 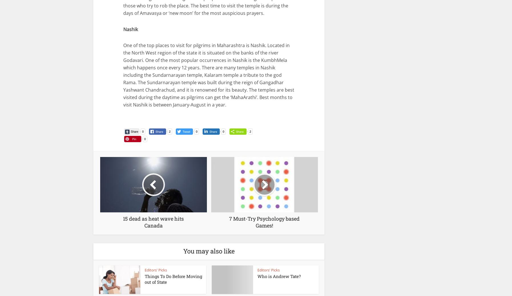 I want to click on 'You may also like', so click(x=209, y=251).